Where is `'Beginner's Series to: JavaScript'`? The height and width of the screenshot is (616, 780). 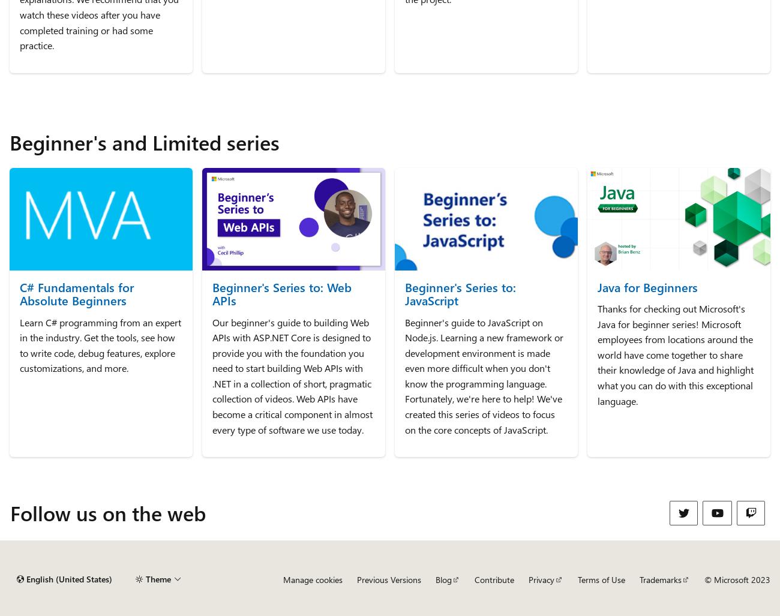
'Beginner's Series to: JavaScript' is located at coordinates (460, 293).